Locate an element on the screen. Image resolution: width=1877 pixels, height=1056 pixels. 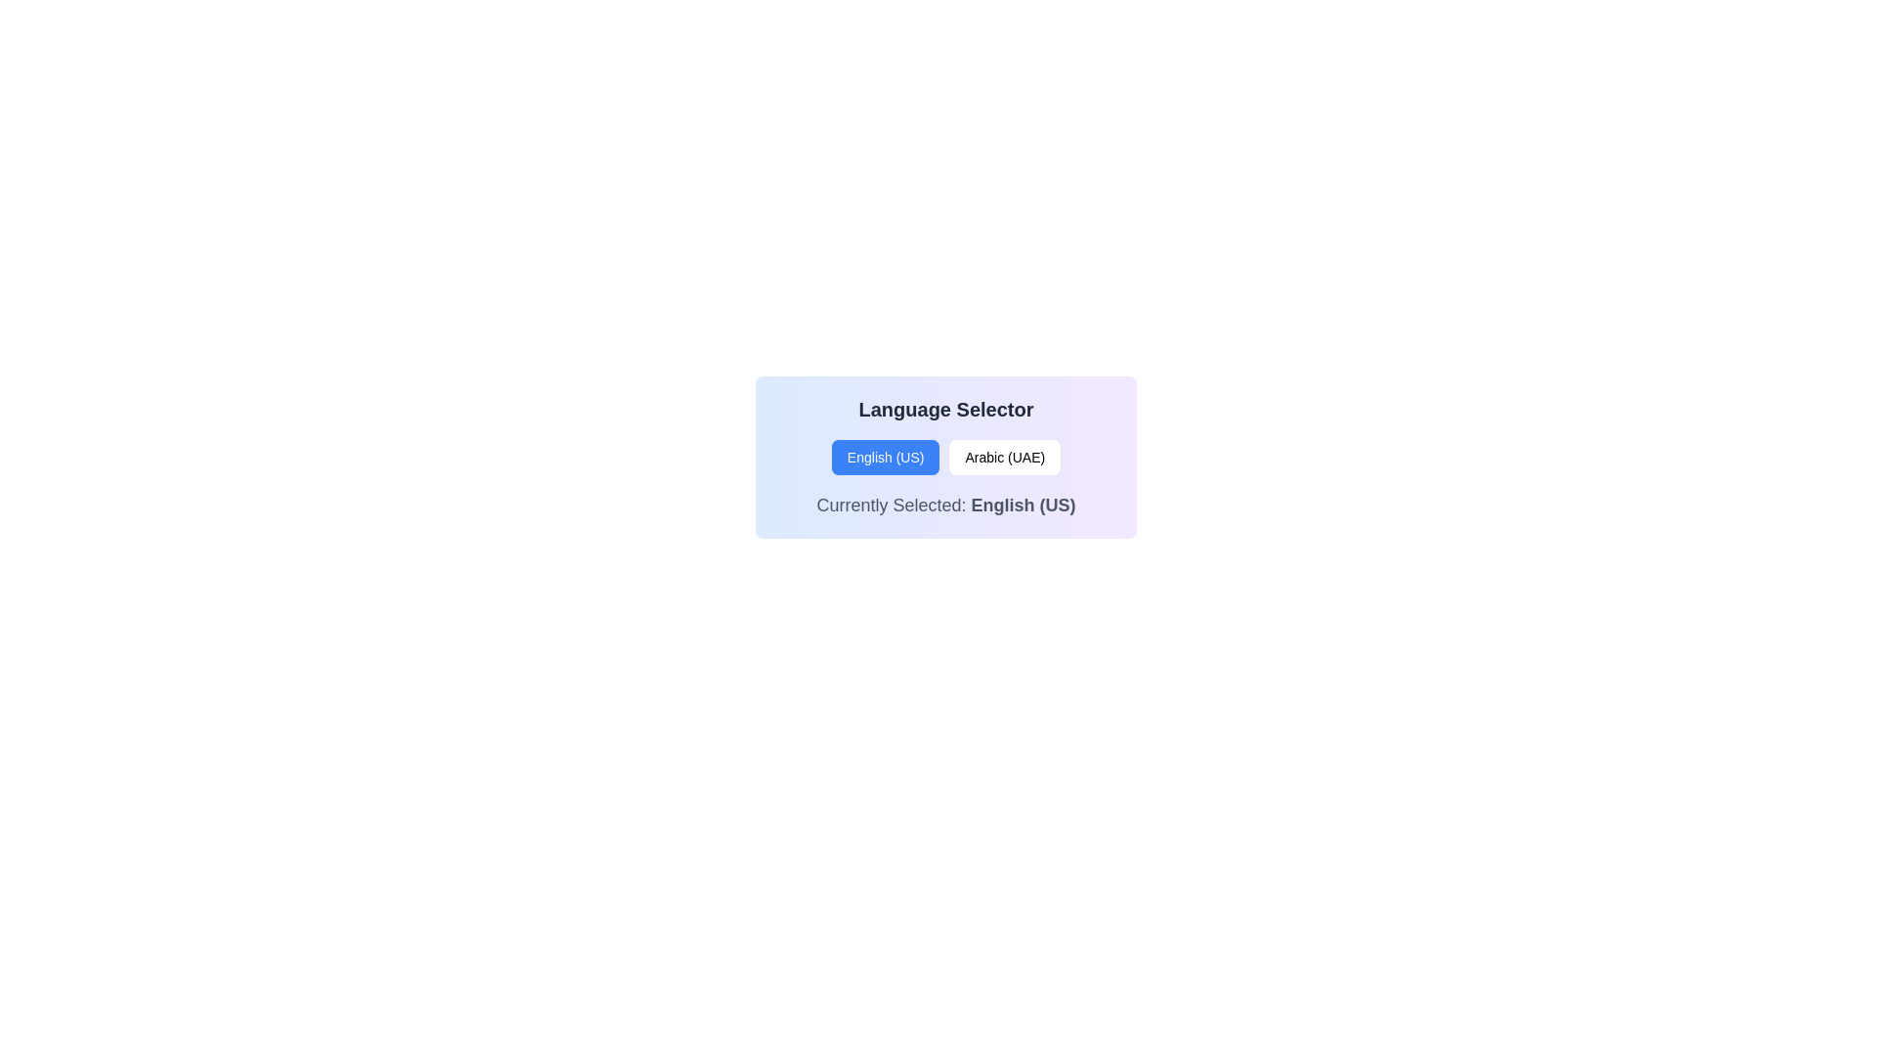
the button labeled 'English (US)' which has a blue background and white text, located at the top-left position among two buttons is located at coordinates (885, 457).